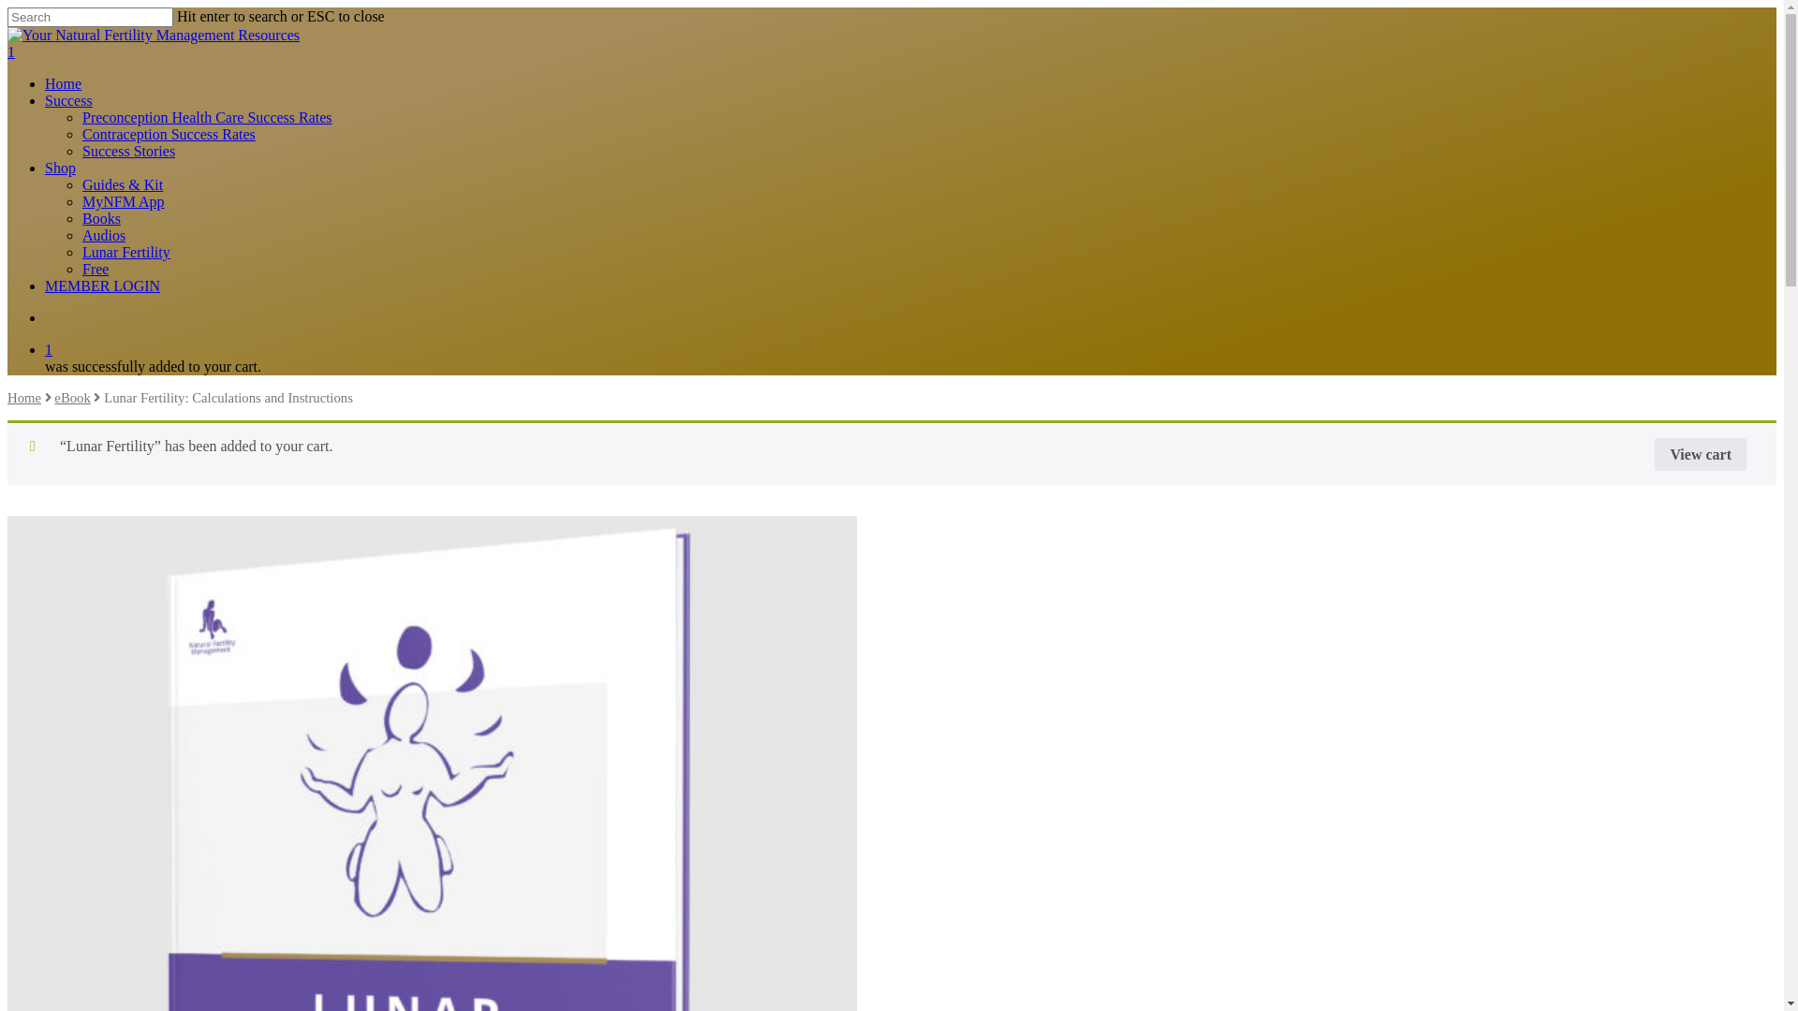  Describe the element at coordinates (891, 51) in the screenshot. I see `'1'` at that location.